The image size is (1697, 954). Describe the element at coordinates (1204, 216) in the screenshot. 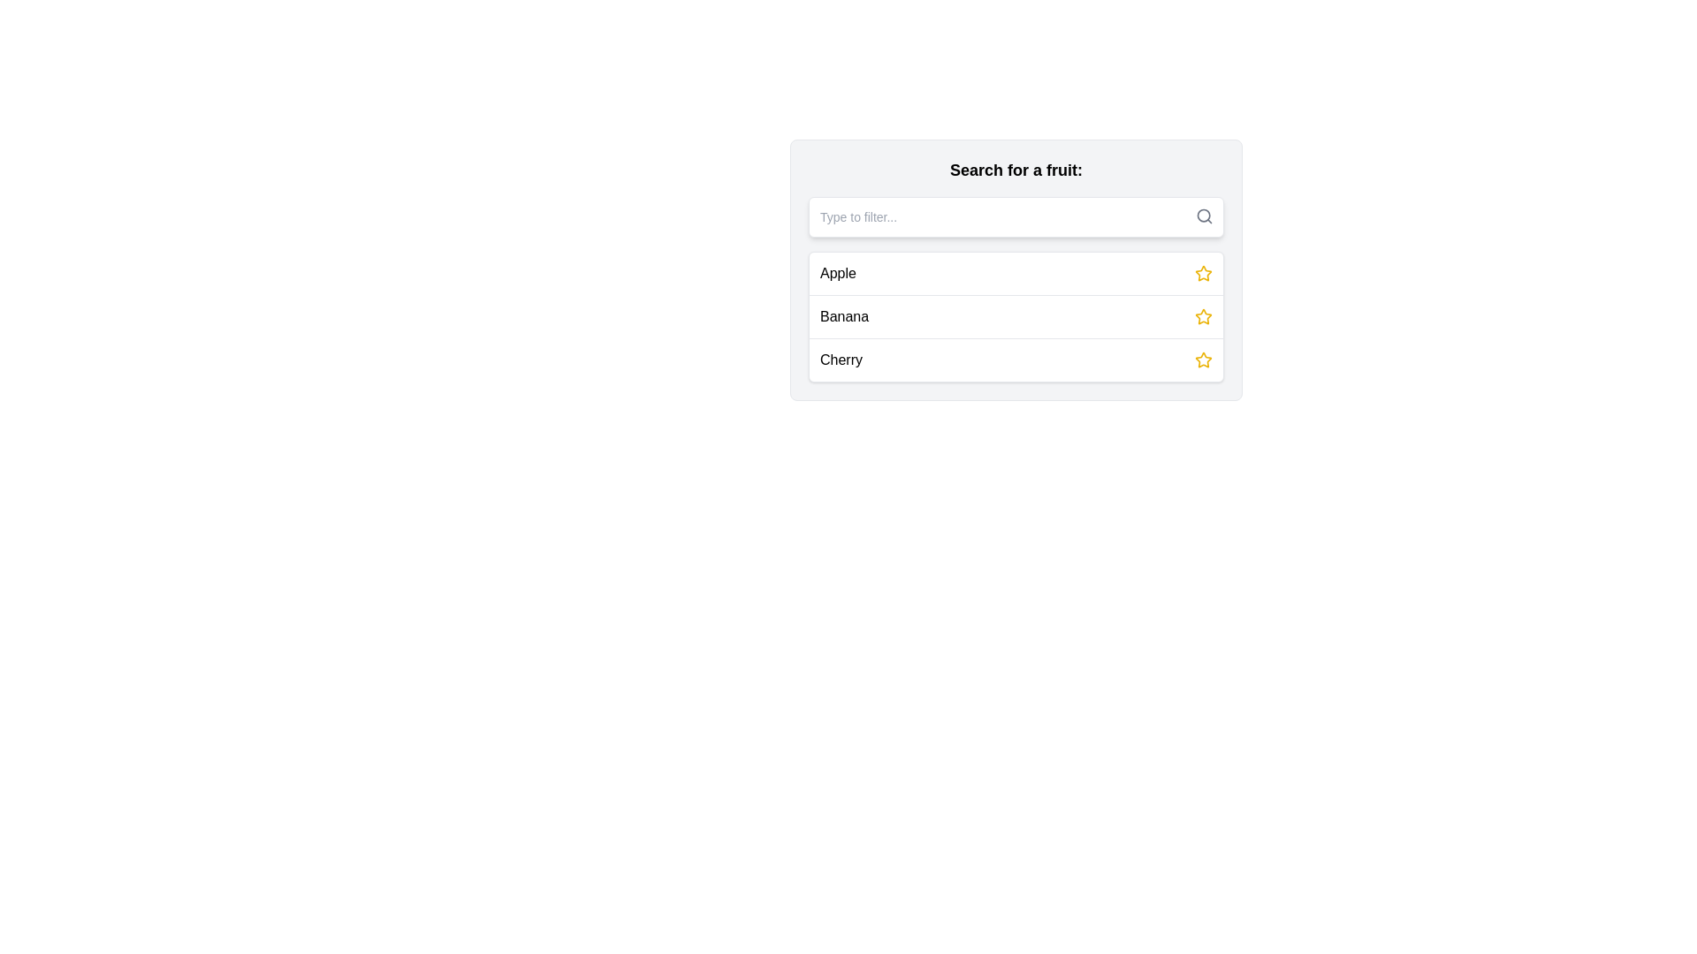

I see `the search icon located at the top-right corner of the input section` at that location.